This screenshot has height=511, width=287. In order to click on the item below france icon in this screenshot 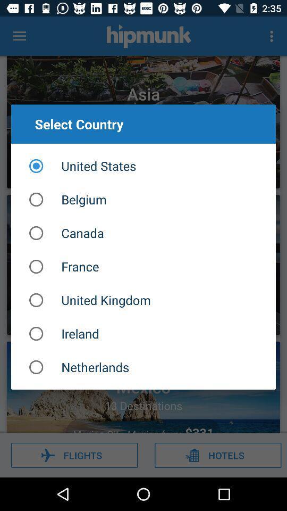, I will do `click(143, 300)`.